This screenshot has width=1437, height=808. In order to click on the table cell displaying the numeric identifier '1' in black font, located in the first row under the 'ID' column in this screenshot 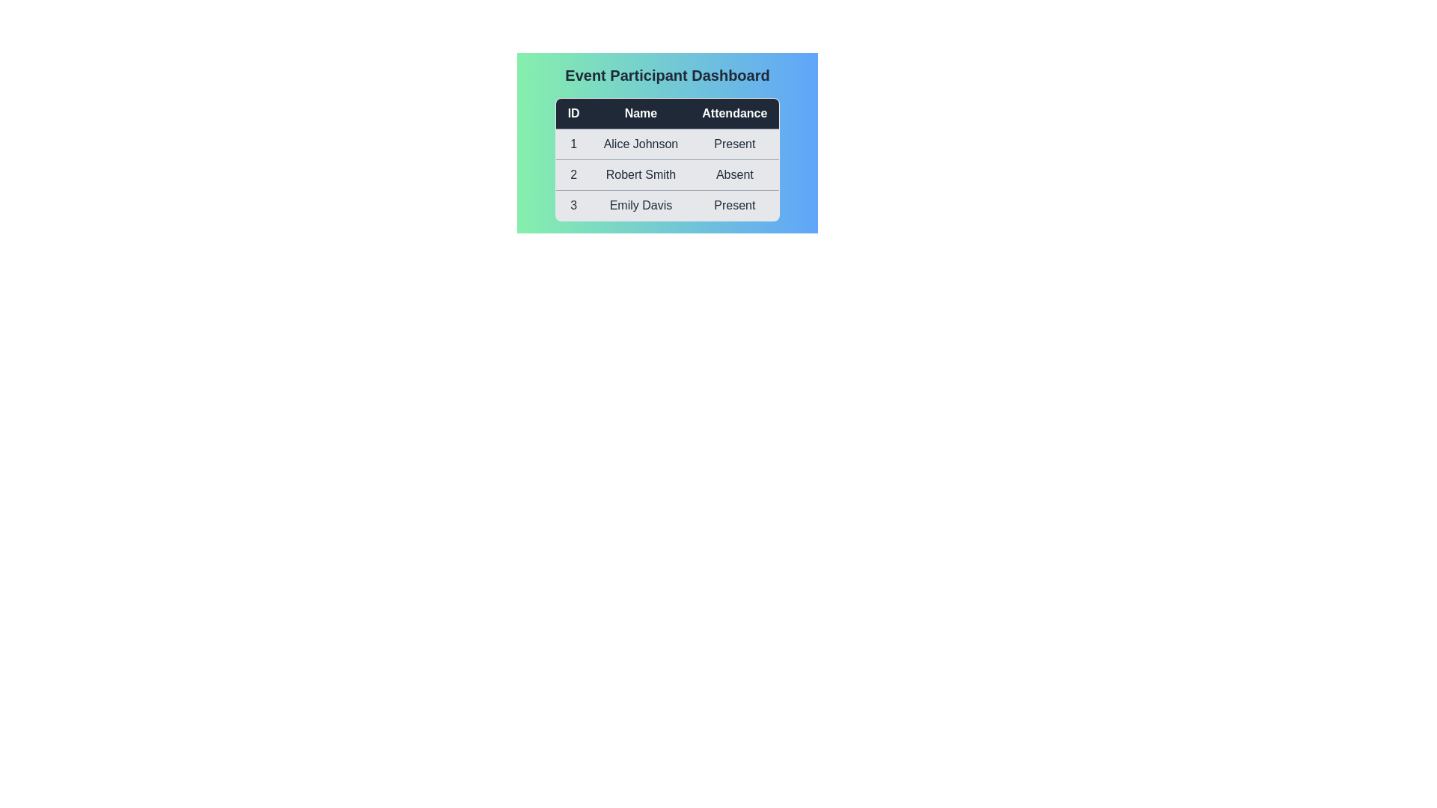, I will do `click(573, 144)`.